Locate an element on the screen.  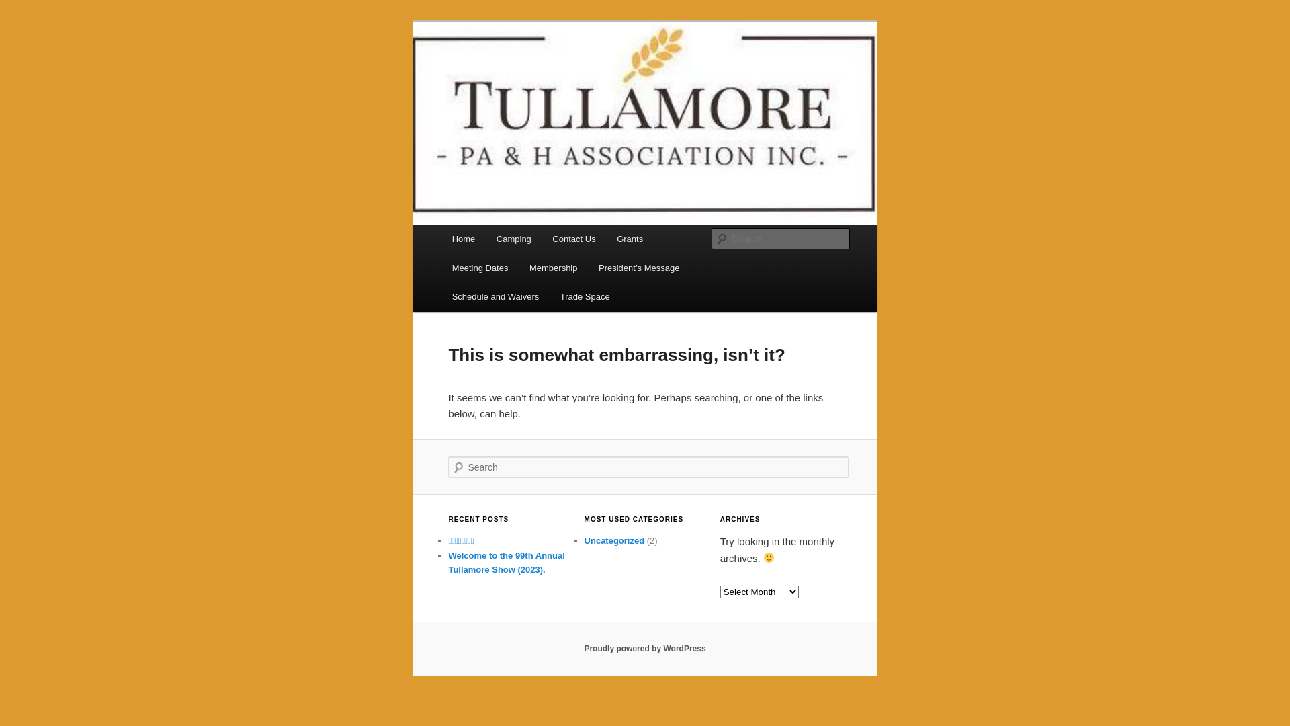
'Contact Us' is located at coordinates (574, 238).